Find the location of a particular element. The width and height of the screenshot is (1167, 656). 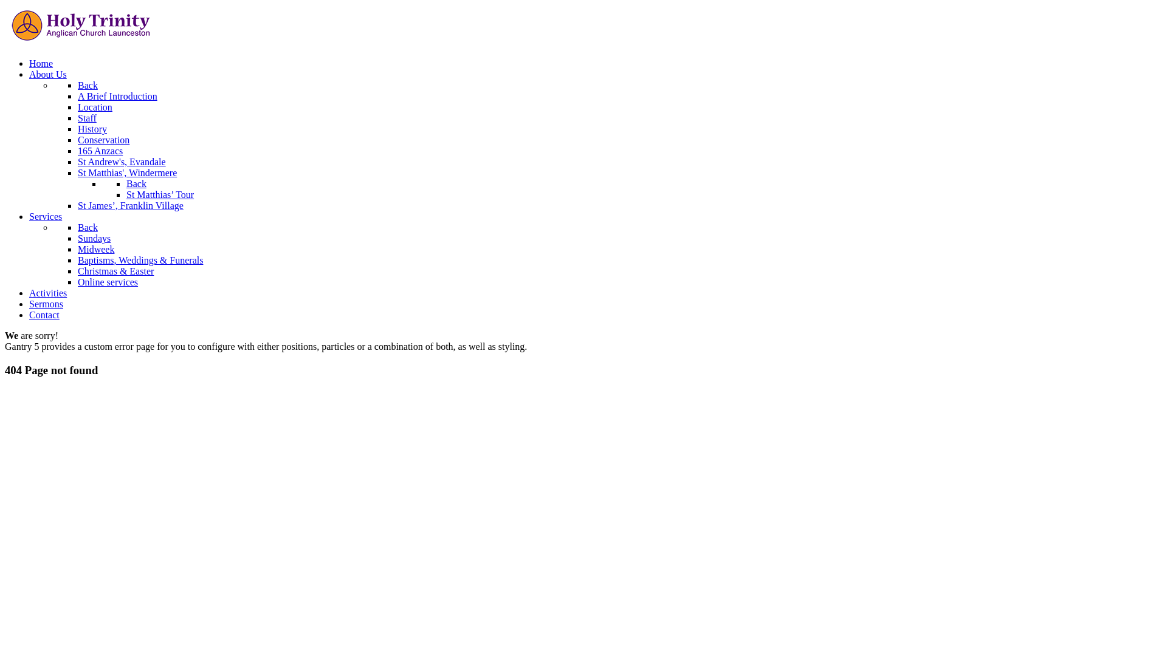

'Sermons' is located at coordinates (46, 303).